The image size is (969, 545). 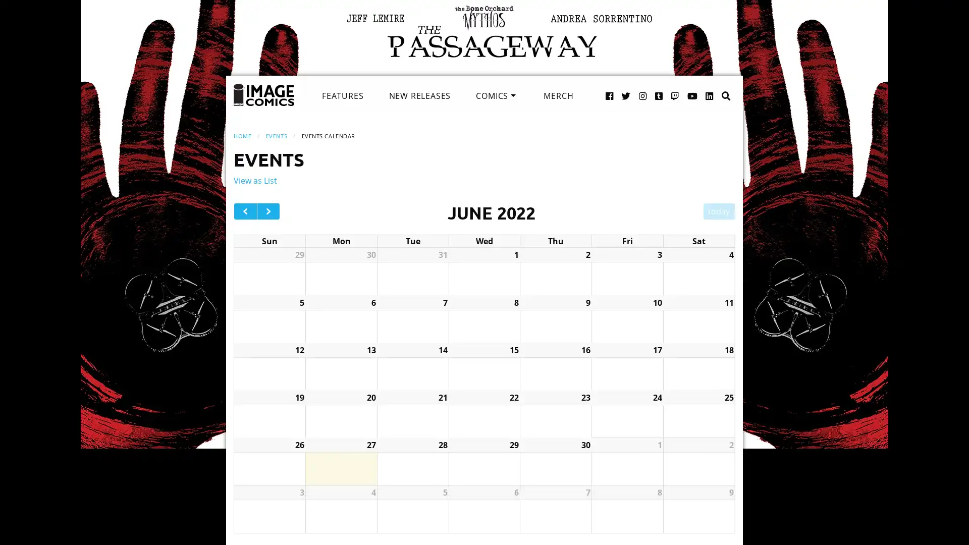 I want to click on Search, so click(x=715, y=85).